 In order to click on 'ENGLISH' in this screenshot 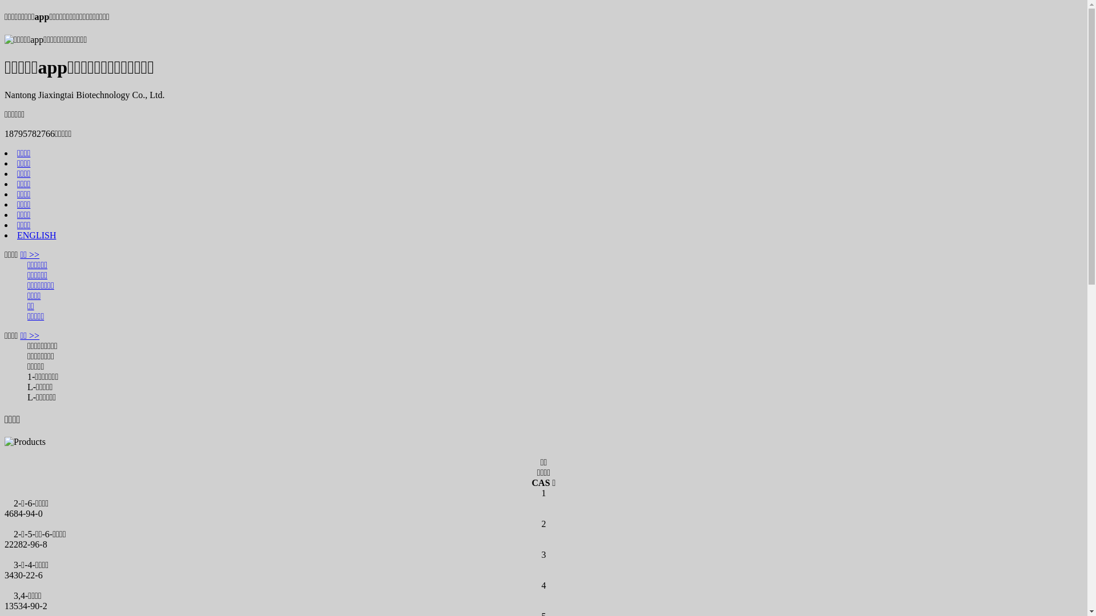, I will do `click(36, 234)`.